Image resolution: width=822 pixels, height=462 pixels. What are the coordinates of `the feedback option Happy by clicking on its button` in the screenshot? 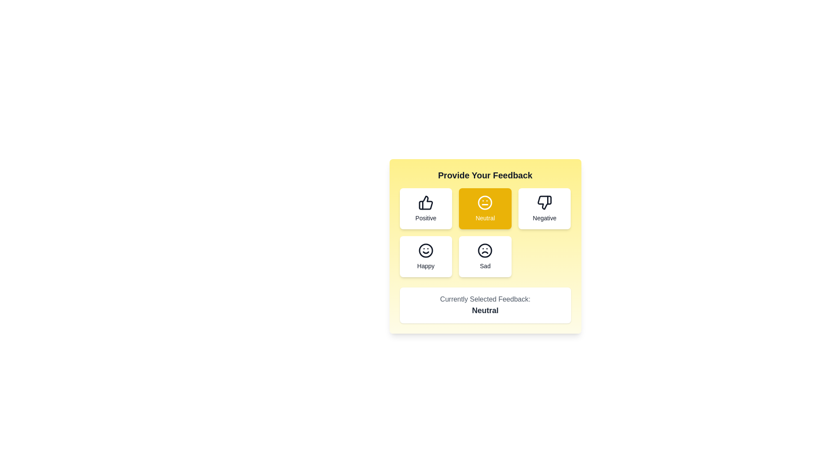 It's located at (426, 256).